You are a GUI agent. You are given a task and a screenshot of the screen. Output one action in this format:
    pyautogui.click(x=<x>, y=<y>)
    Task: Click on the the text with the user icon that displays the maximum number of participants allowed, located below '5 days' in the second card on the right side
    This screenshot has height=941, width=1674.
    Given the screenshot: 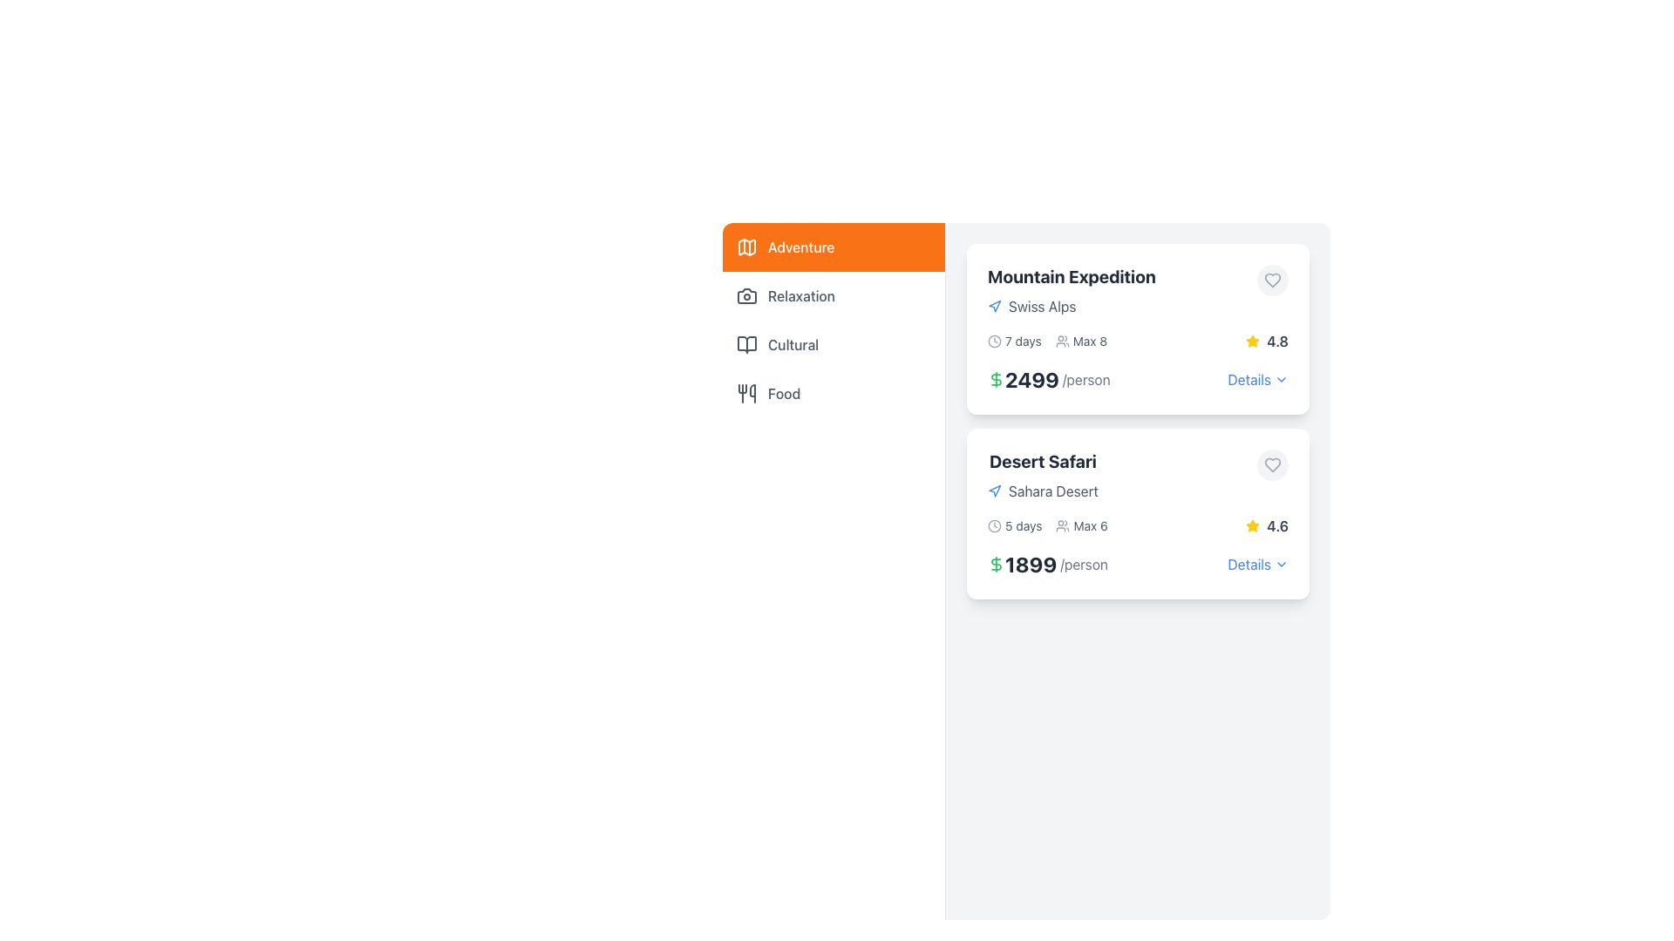 What is the action you would take?
    pyautogui.click(x=1081, y=525)
    